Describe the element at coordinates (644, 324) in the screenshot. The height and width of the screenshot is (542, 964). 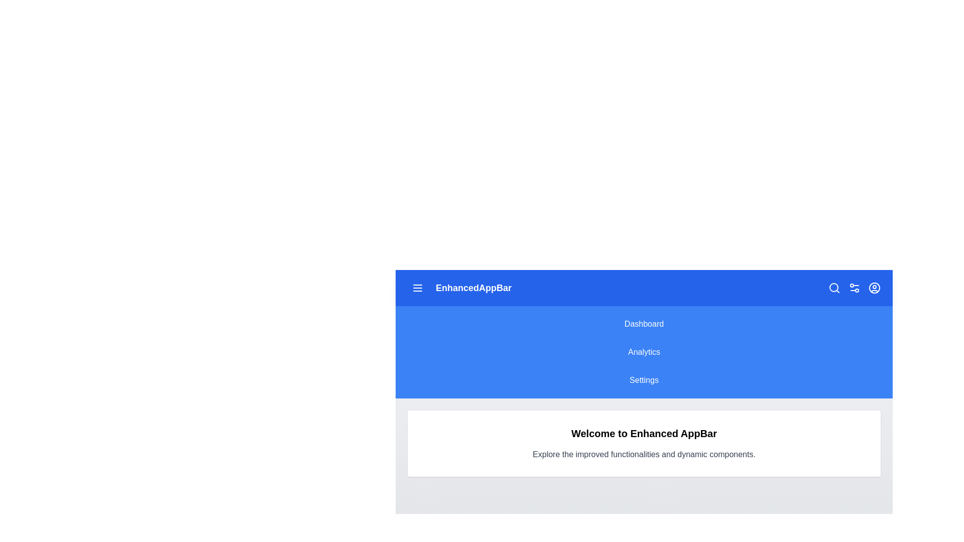
I see `the menu item Dashboard to observe its hover effect` at that location.